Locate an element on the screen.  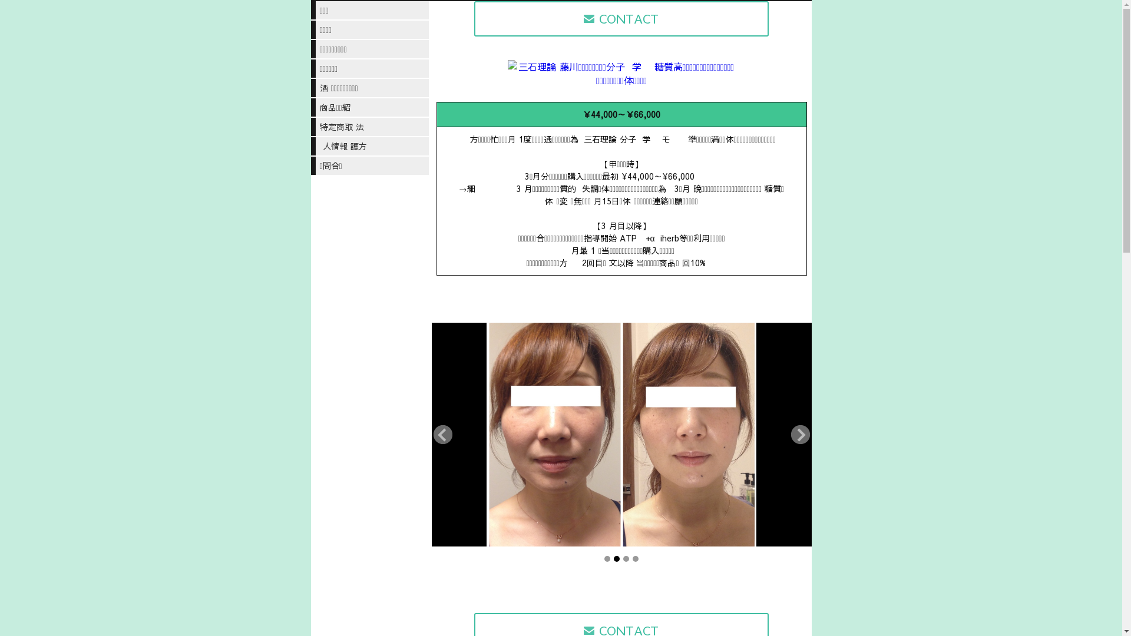
'CONTACT' is located at coordinates (621, 18).